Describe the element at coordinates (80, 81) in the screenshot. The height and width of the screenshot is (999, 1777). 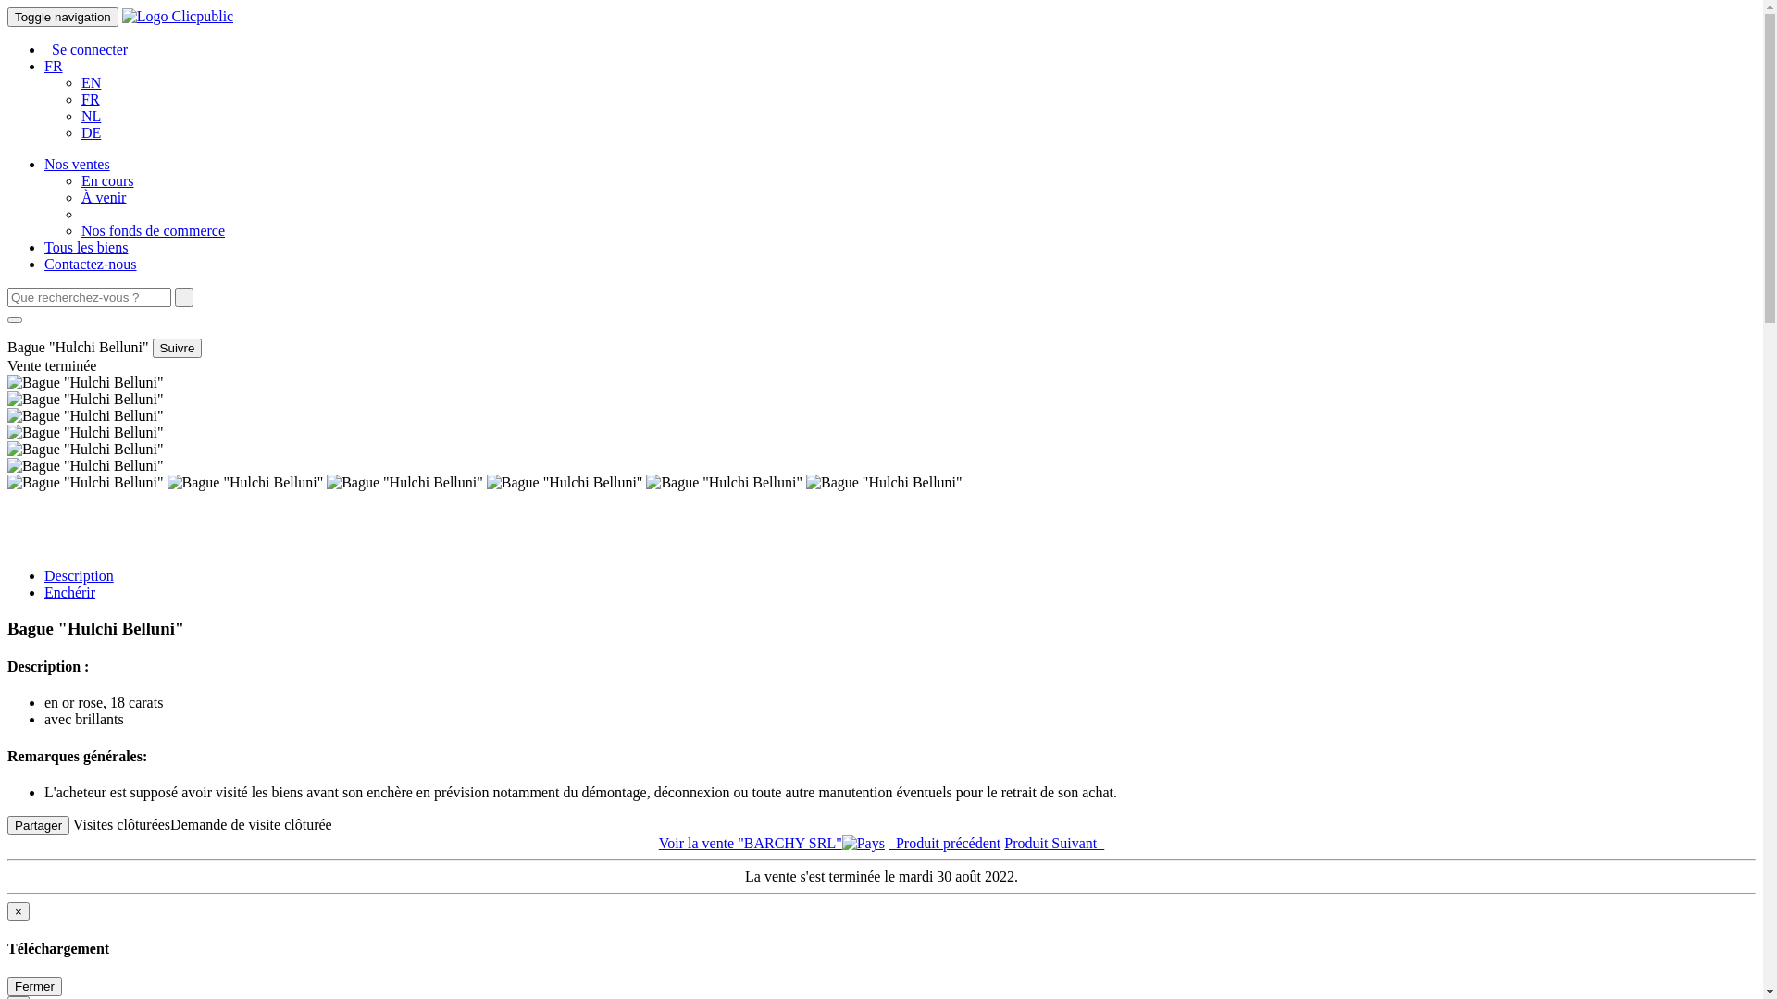
I see `'EN'` at that location.